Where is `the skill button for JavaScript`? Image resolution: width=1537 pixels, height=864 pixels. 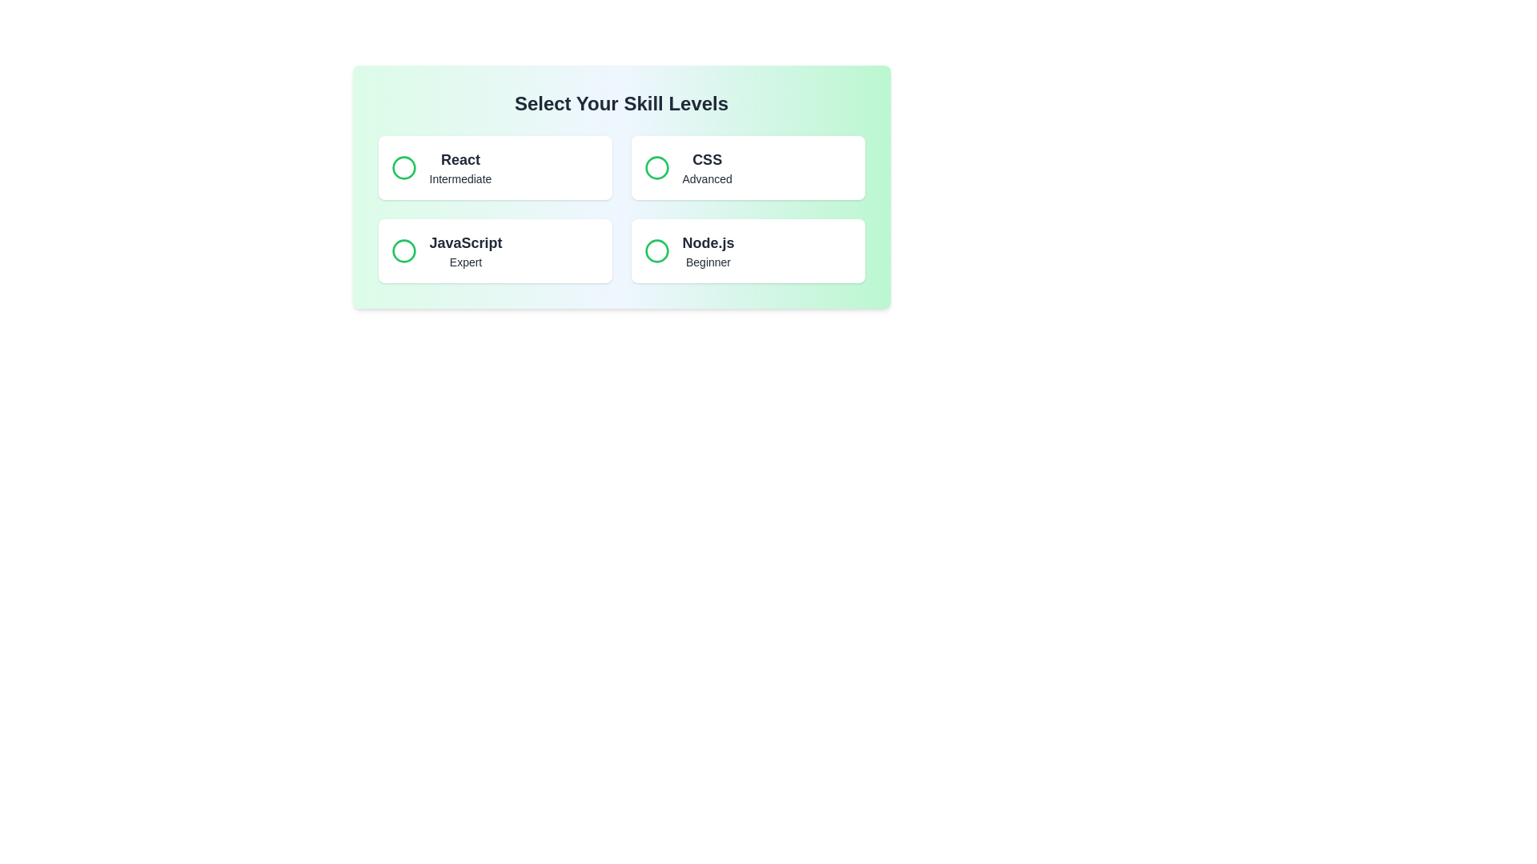 the skill button for JavaScript is located at coordinates (494, 250).